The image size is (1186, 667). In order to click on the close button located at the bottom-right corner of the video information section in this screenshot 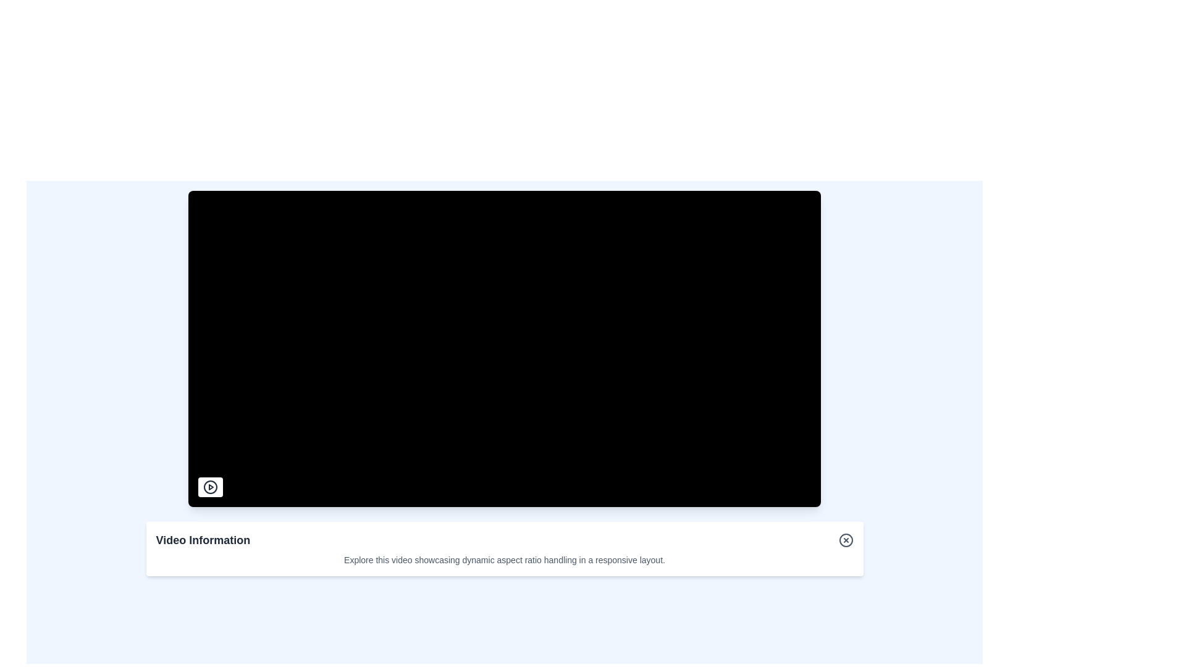, I will do `click(845, 540)`.